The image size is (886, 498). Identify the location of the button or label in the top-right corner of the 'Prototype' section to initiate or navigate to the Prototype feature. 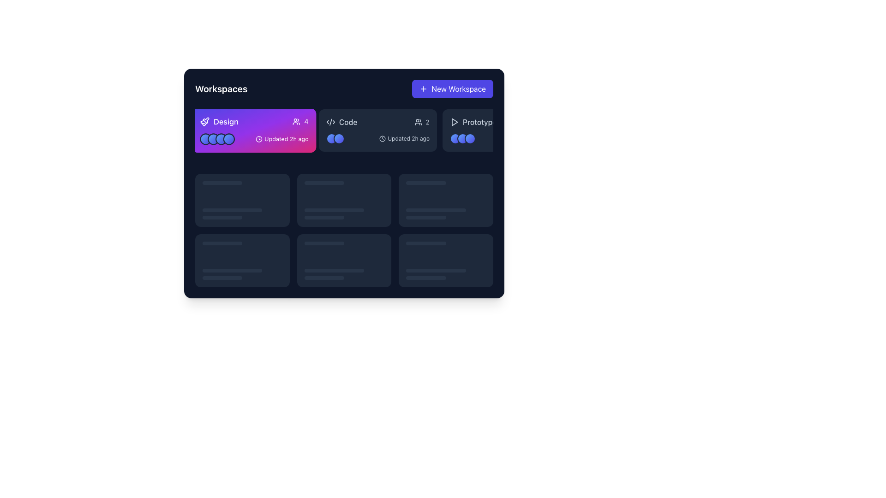
(473, 122).